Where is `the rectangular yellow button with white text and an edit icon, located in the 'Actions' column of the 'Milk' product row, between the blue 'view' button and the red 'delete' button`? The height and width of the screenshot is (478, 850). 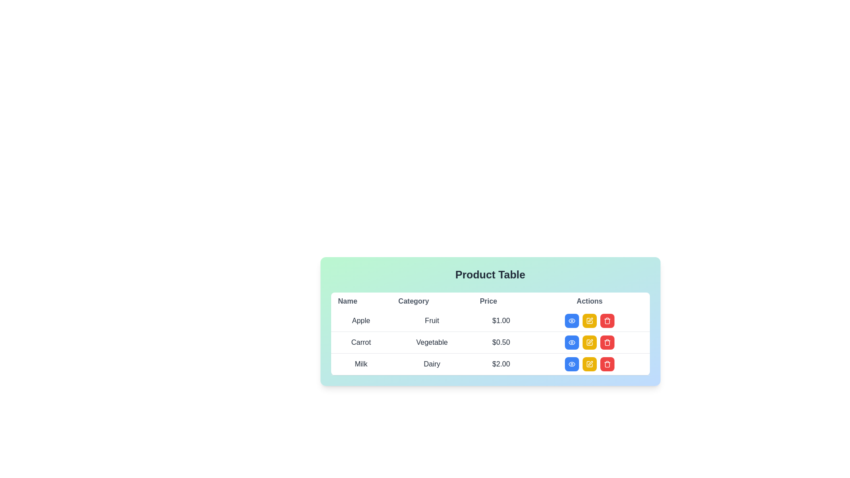
the rectangular yellow button with white text and an edit icon, located in the 'Actions' column of the 'Milk' product row, between the blue 'view' button and the red 'delete' button is located at coordinates (589, 364).